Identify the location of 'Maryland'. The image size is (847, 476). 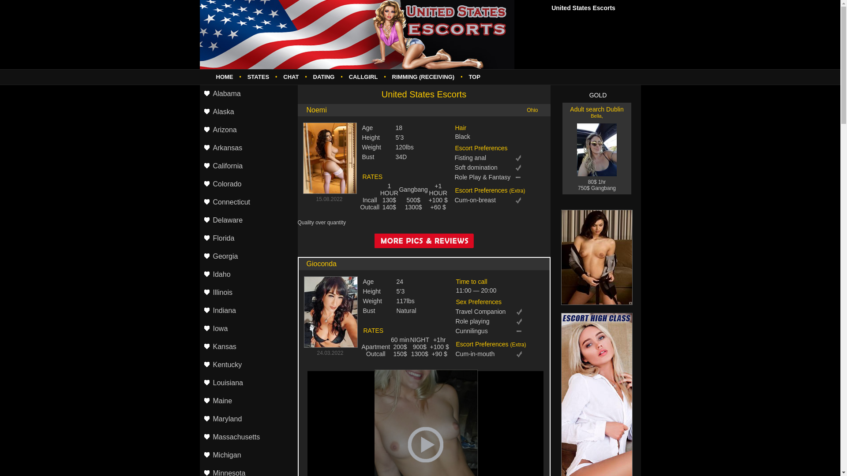
(247, 419).